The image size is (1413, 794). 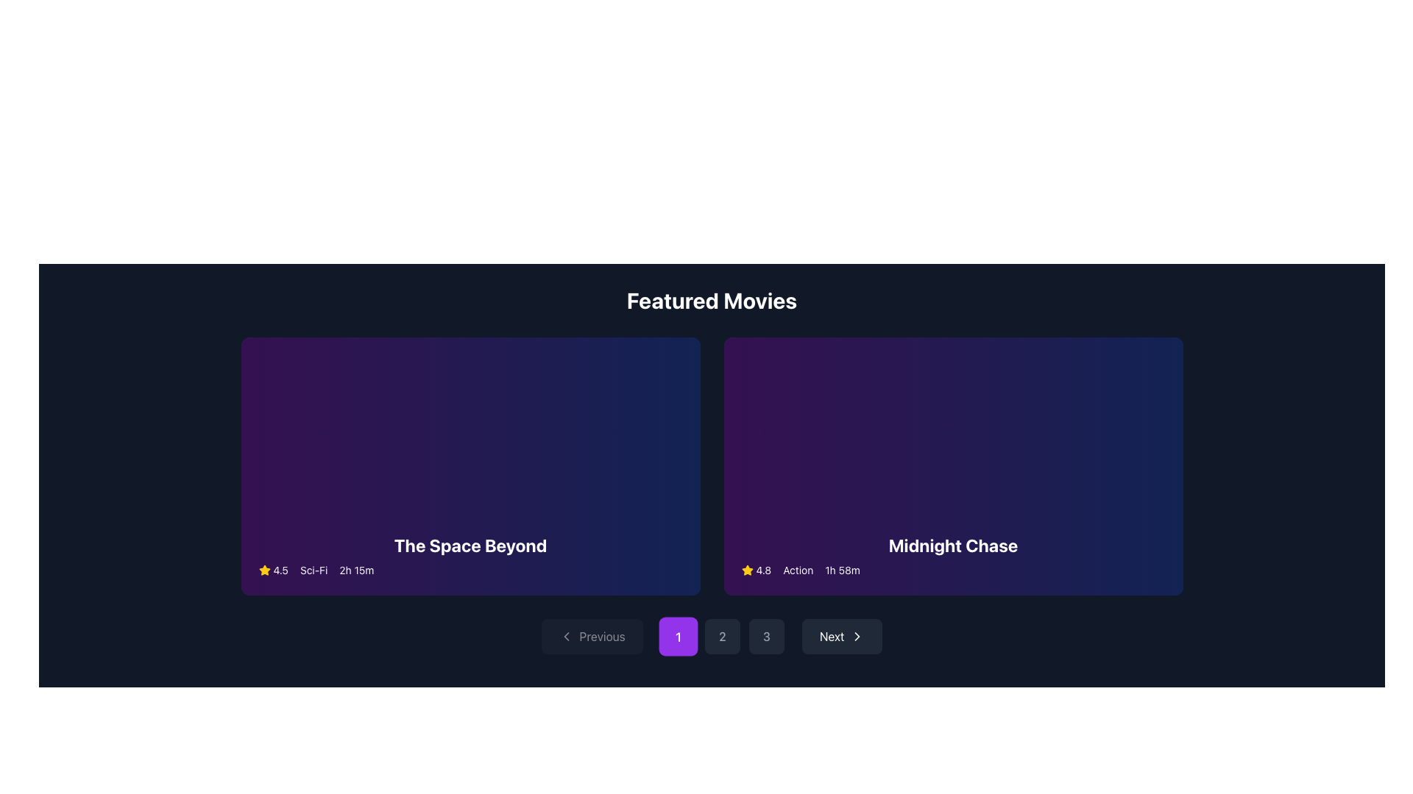 I want to click on the third page navigation button, so click(x=765, y=636).